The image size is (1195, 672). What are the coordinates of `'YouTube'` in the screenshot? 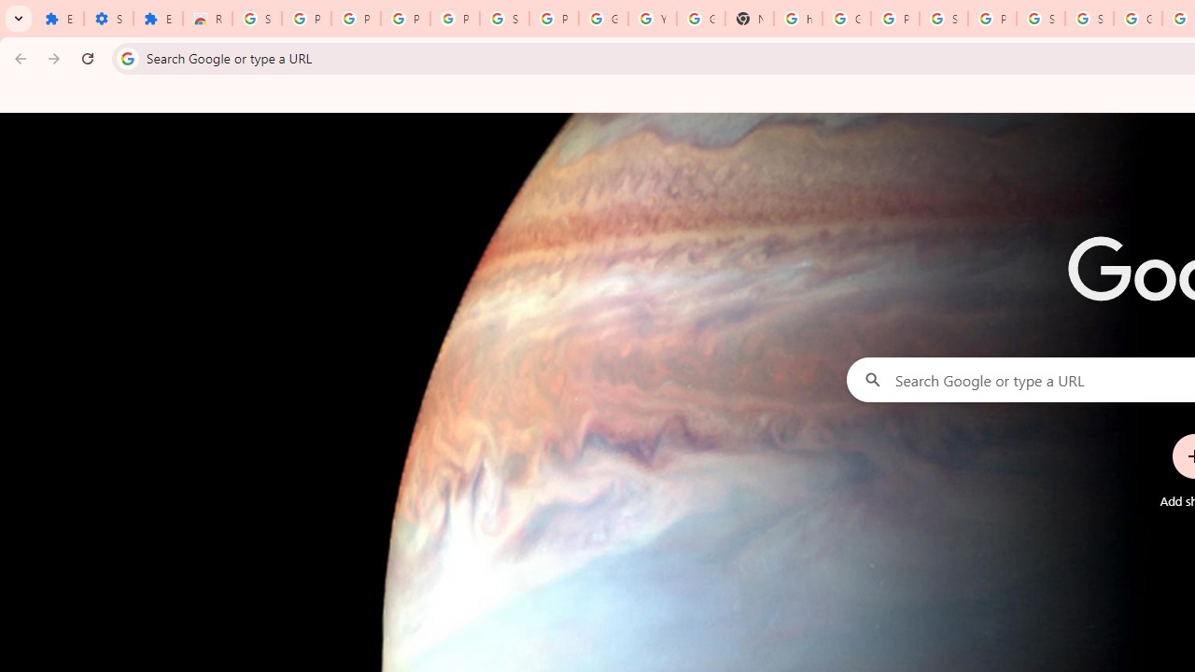 It's located at (652, 19).